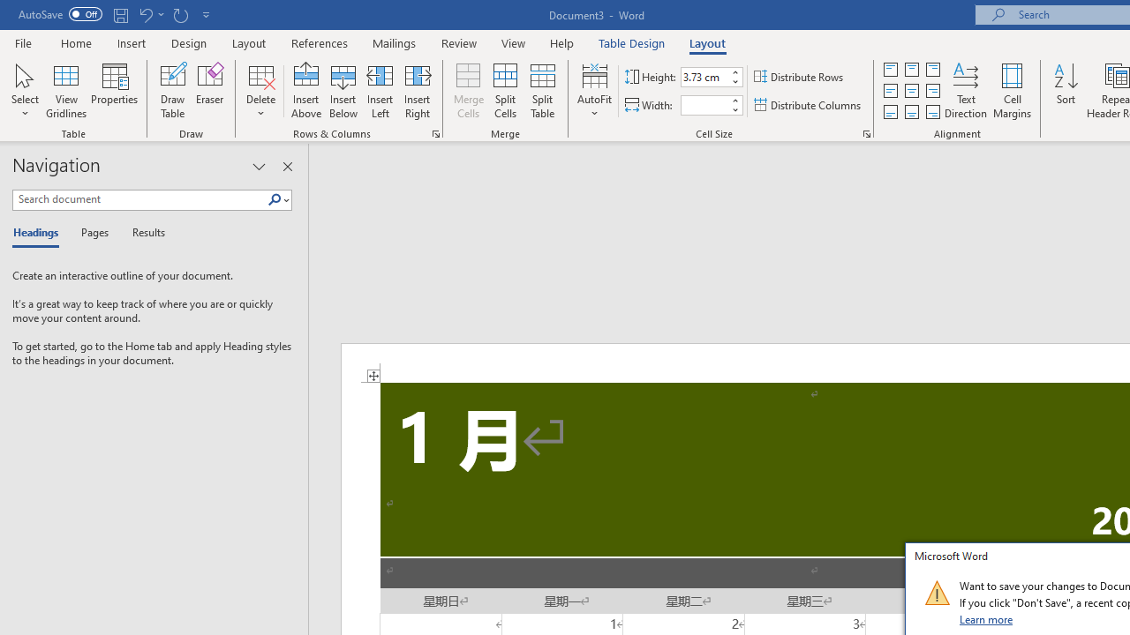 This screenshot has width=1130, height=635. I want to click on 'Draw Table', so click(173, 91).